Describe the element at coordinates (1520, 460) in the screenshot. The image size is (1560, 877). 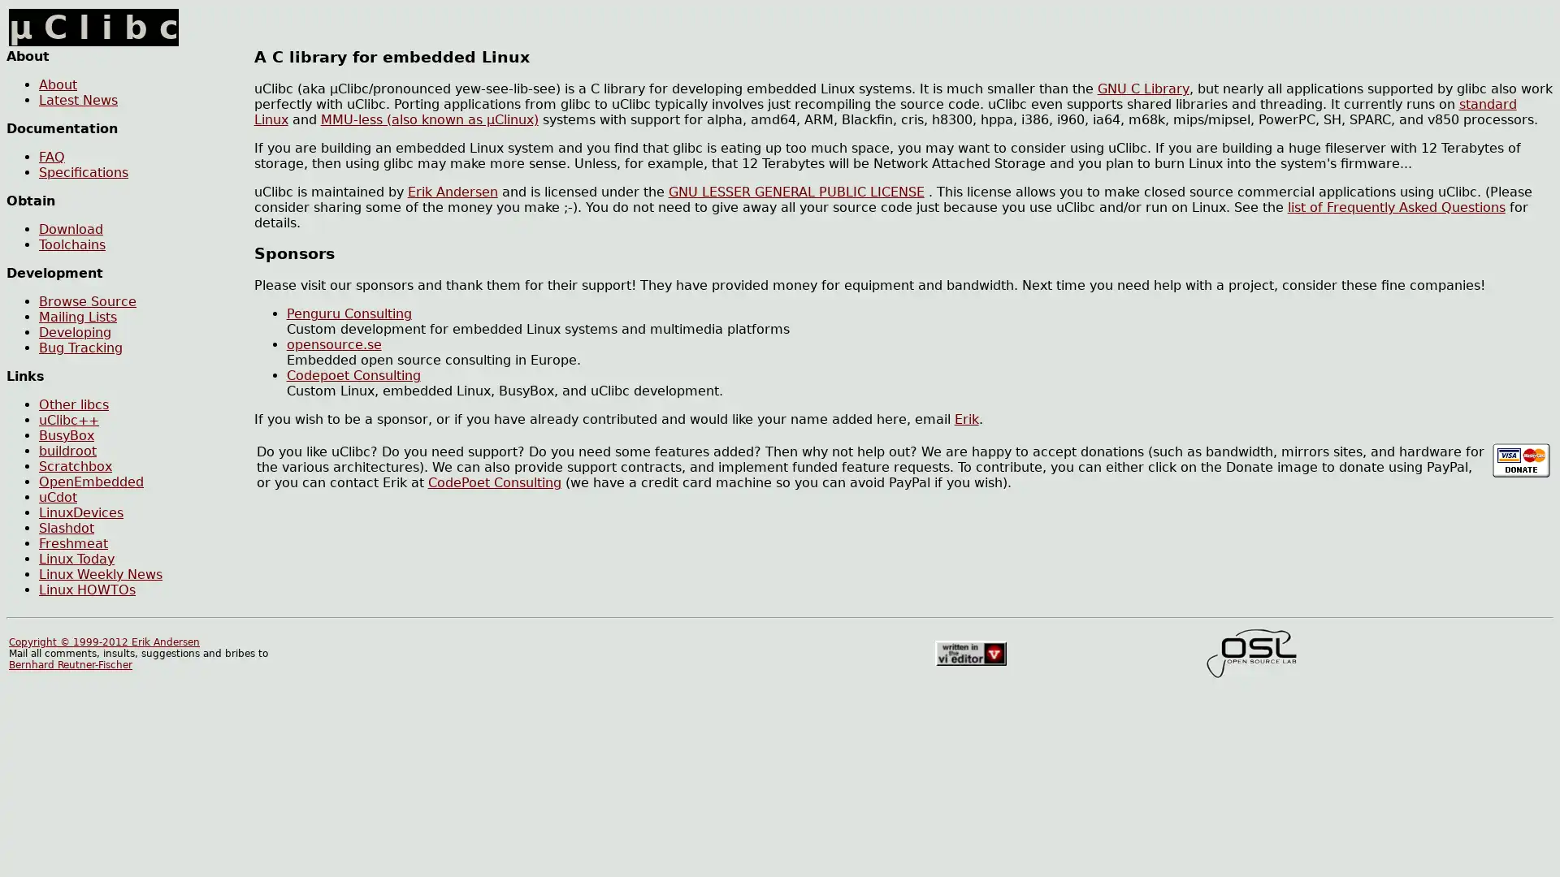
I see `Make donation using PayPal` at that location.